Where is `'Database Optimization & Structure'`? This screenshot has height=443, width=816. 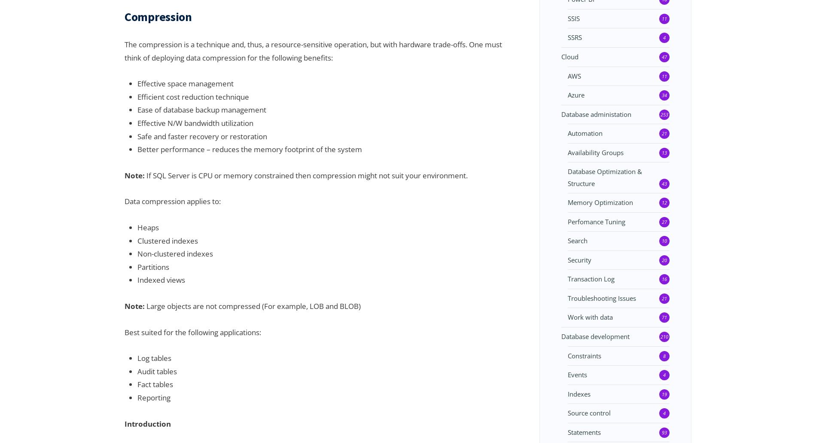
'Database Optimization & Structure' is located at coordinates (604, 177).